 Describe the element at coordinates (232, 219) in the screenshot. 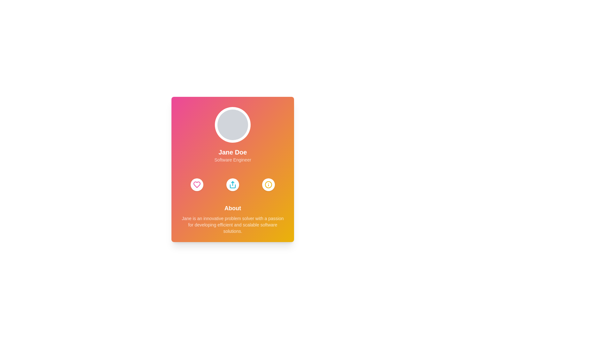

I see `text content block titled 'About' located at the bottom of the card, which provides details about 'Jane'` at that location.